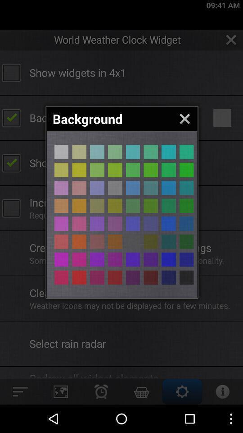  What do you see at coordinates (79, 223) in the screenshot?
I see `app background color picker` at bounding box center [79, 223].